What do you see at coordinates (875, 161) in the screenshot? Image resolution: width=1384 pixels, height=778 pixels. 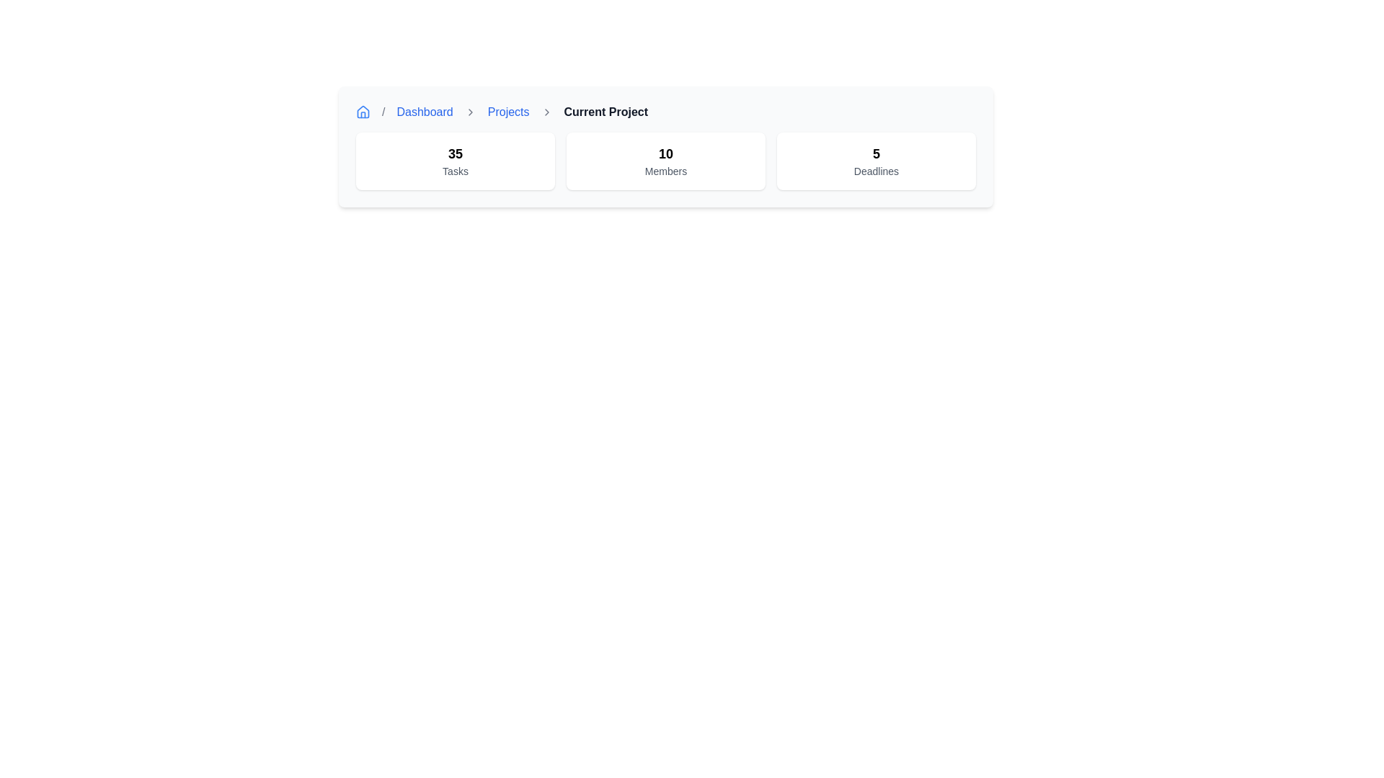 I see `the information displayed on the Informational card that presents the count of deadlines associated with the current project, located as the third card in a row of three cards` at bounding box center [875, 161].